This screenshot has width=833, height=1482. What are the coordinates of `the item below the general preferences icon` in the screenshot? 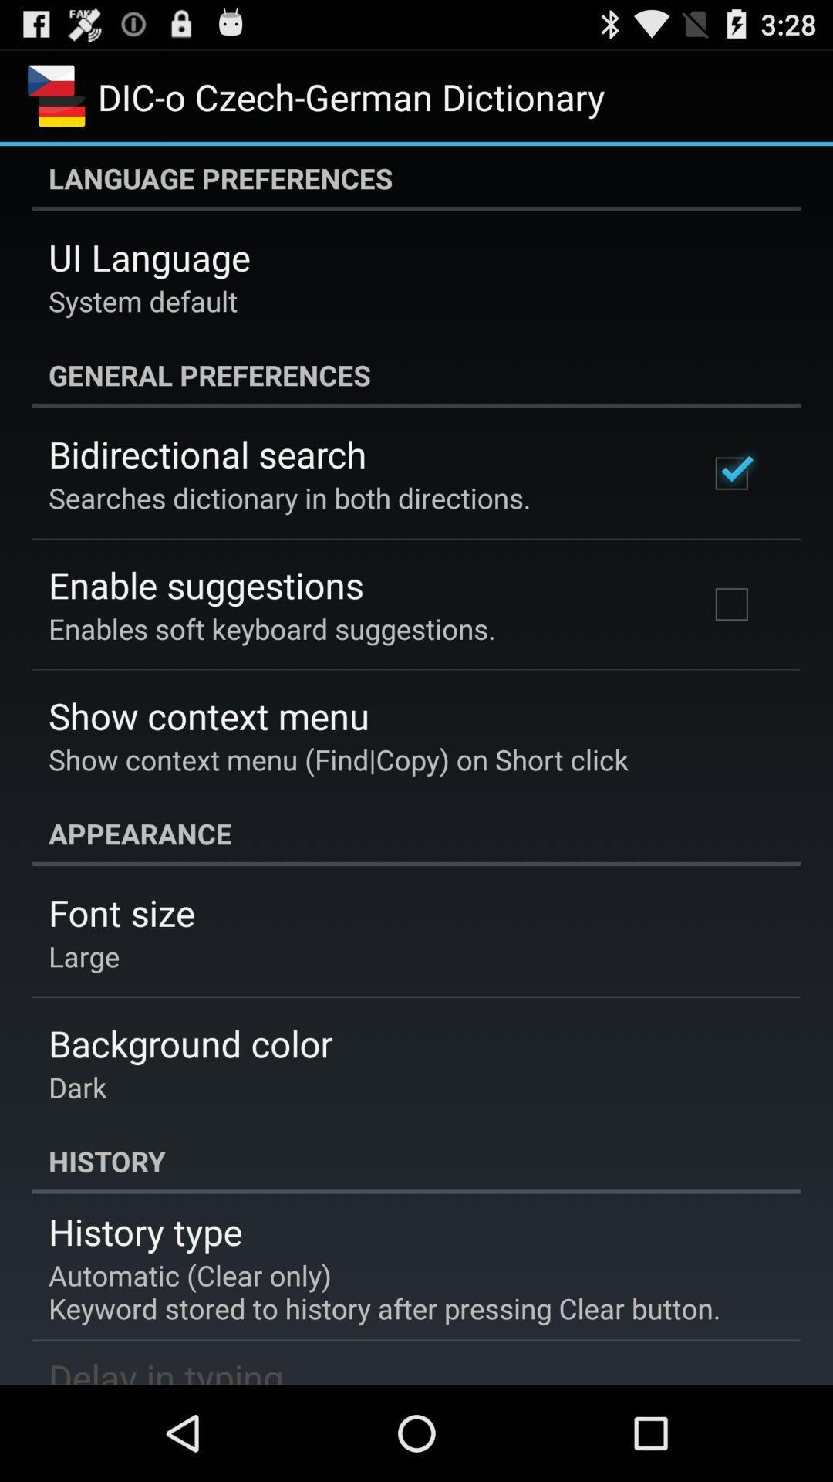 It's located at (207, 453).